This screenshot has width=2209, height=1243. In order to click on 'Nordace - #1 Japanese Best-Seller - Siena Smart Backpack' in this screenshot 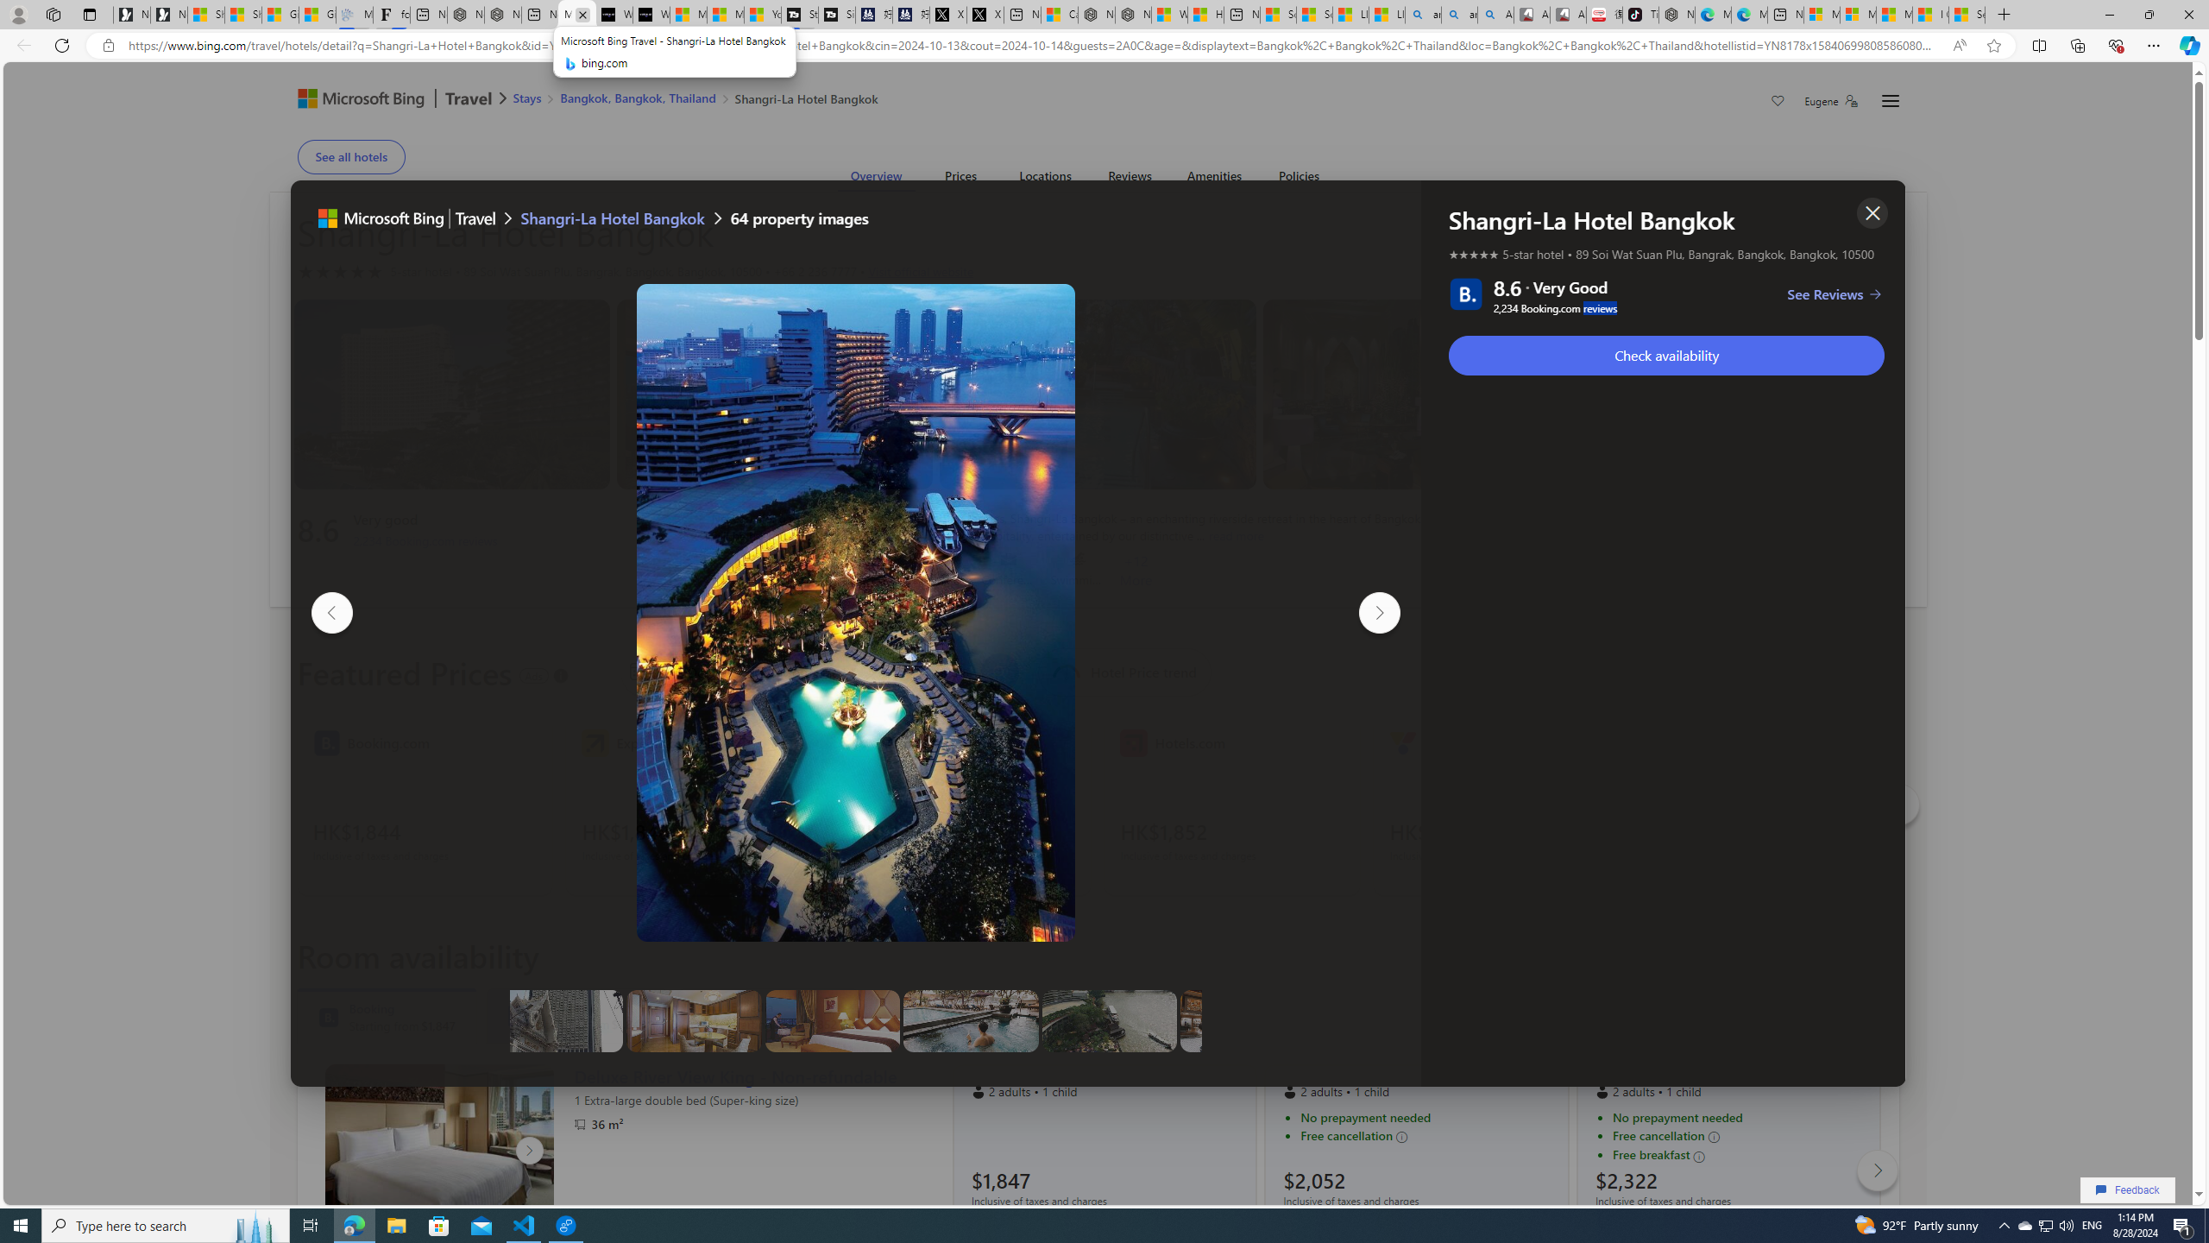, I will do `click(502, 14)`.